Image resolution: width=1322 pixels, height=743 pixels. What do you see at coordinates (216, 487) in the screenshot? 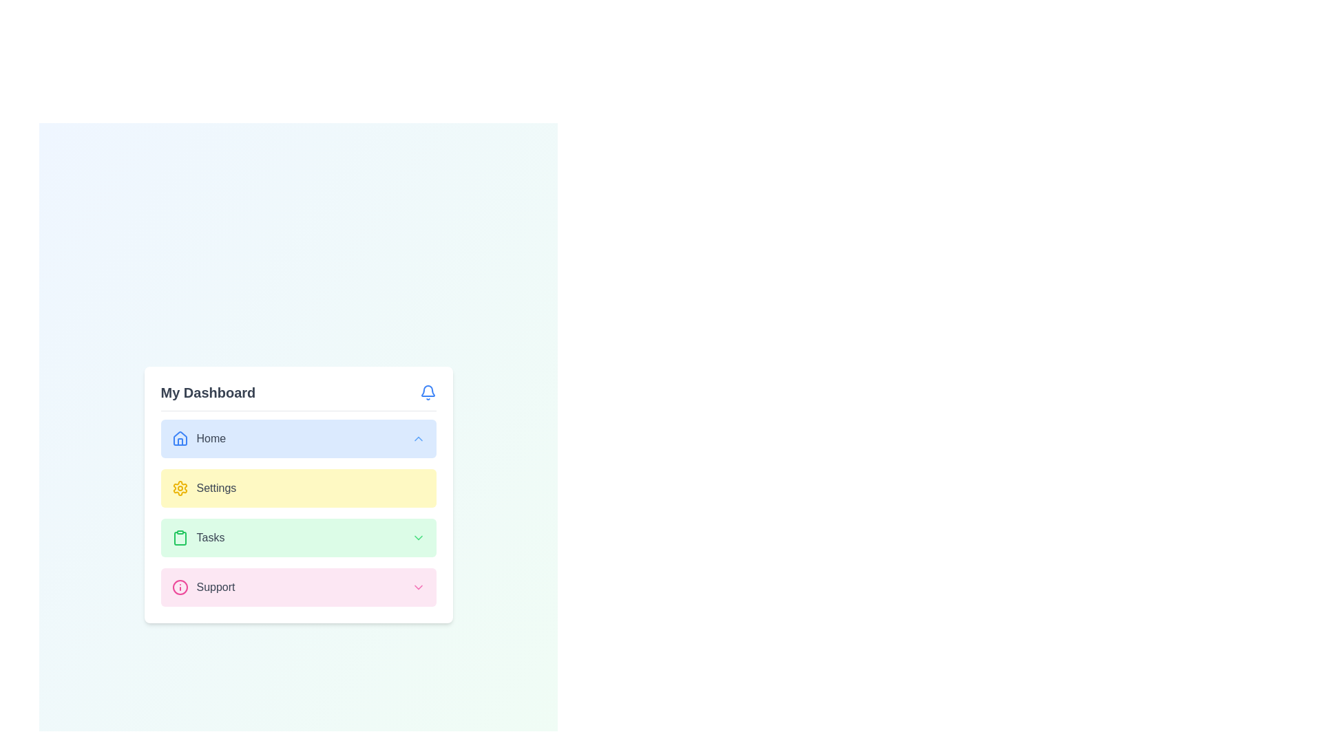
I see `the 'Settings' text label, which is styled with a medium font weight in gray and is the second item in a list on a UI card, located next to a yellow gear icon` at bounding box center [216, 487].